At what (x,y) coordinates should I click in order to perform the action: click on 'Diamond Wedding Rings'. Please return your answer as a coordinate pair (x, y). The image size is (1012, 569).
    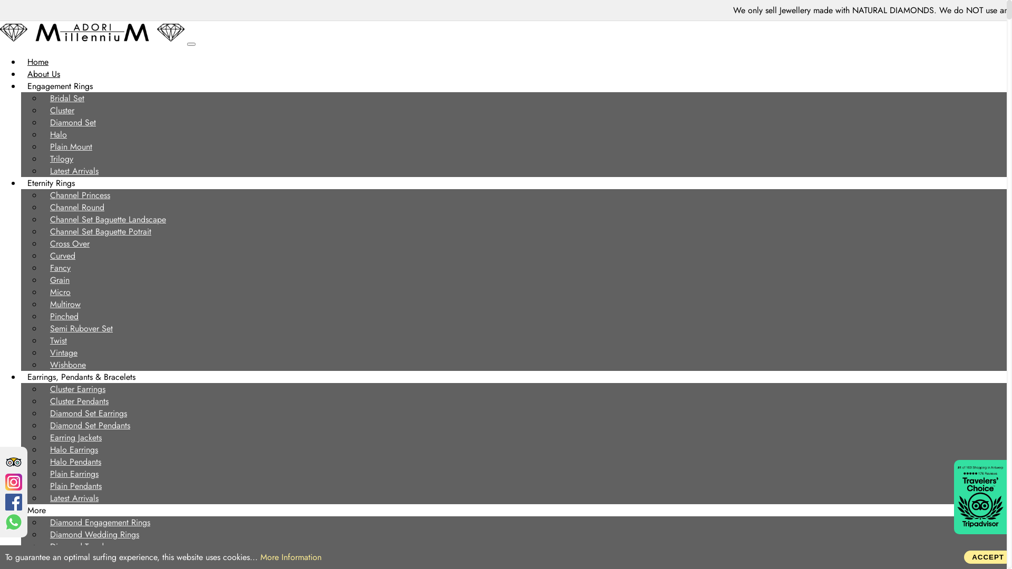
    Looking at the image, I should click on (94, 534).